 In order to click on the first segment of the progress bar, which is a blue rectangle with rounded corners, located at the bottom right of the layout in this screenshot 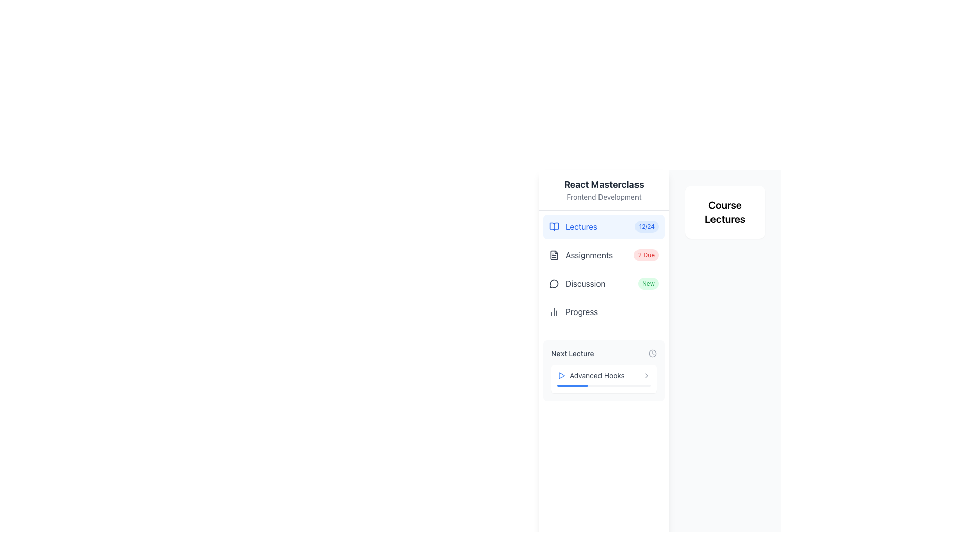, I will do `click(573, 386)`.